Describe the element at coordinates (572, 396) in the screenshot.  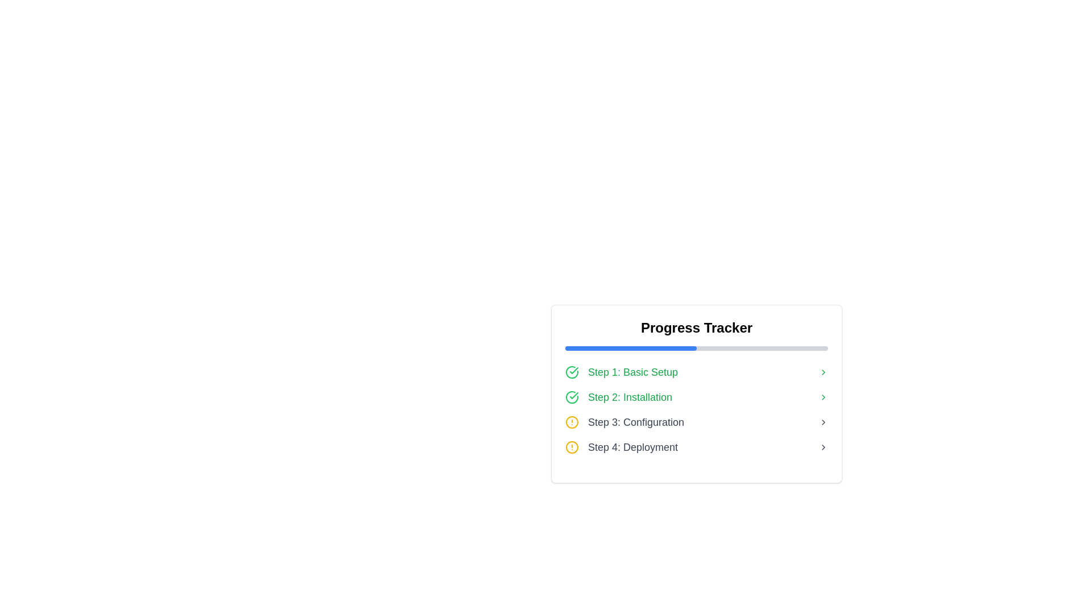
I see `the green circular icon with a white checkmark, which indicates a completed step, located to the left of 'Step 2: Installation'` at that location.